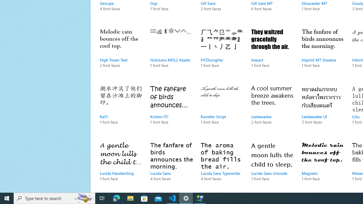  I want to click on 'Lucida Sans Typewriter, 4 font faces', so click(222, 166).